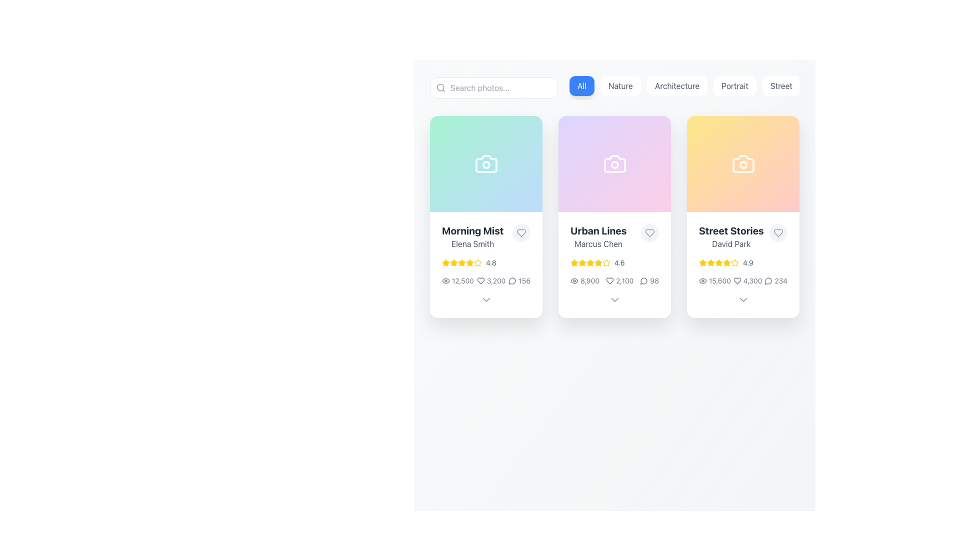  Describe the element at coordinates (590, 262) in the screenshot. I see `the fifth yellow star icon within the 'Urban Lines' card, which is aligned horizontally with similar icons` at that location.